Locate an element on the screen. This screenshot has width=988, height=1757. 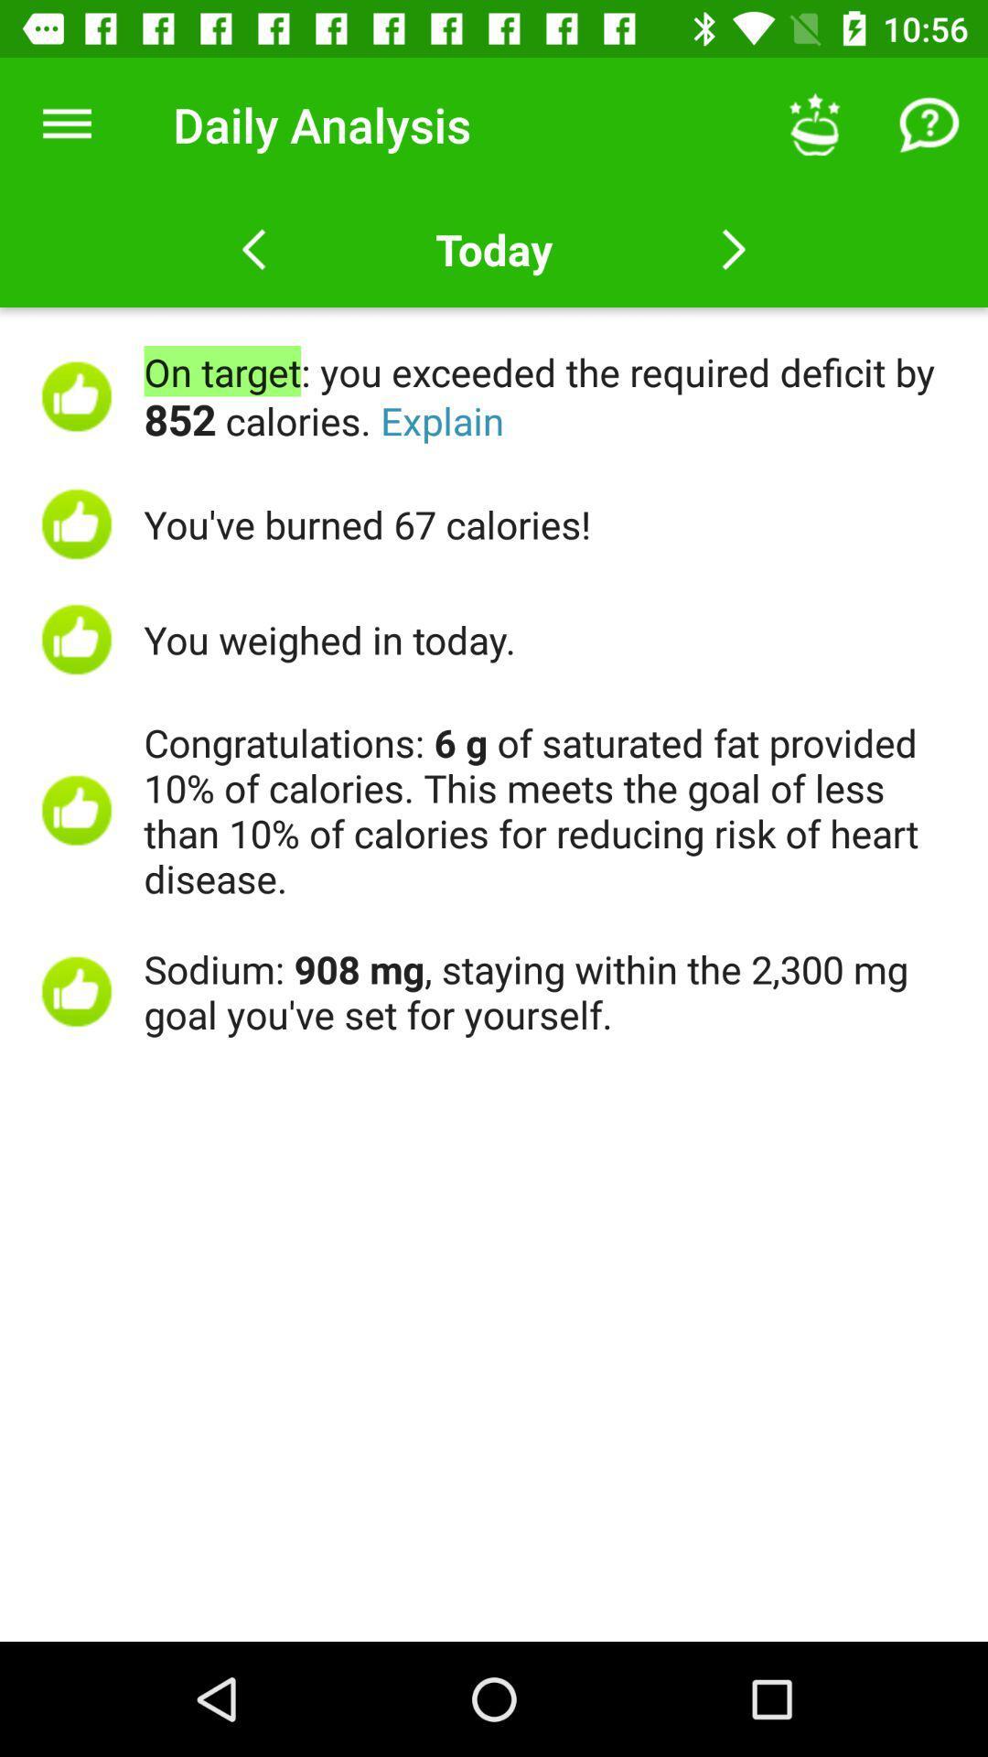
next is located at coordinates (733, 249).